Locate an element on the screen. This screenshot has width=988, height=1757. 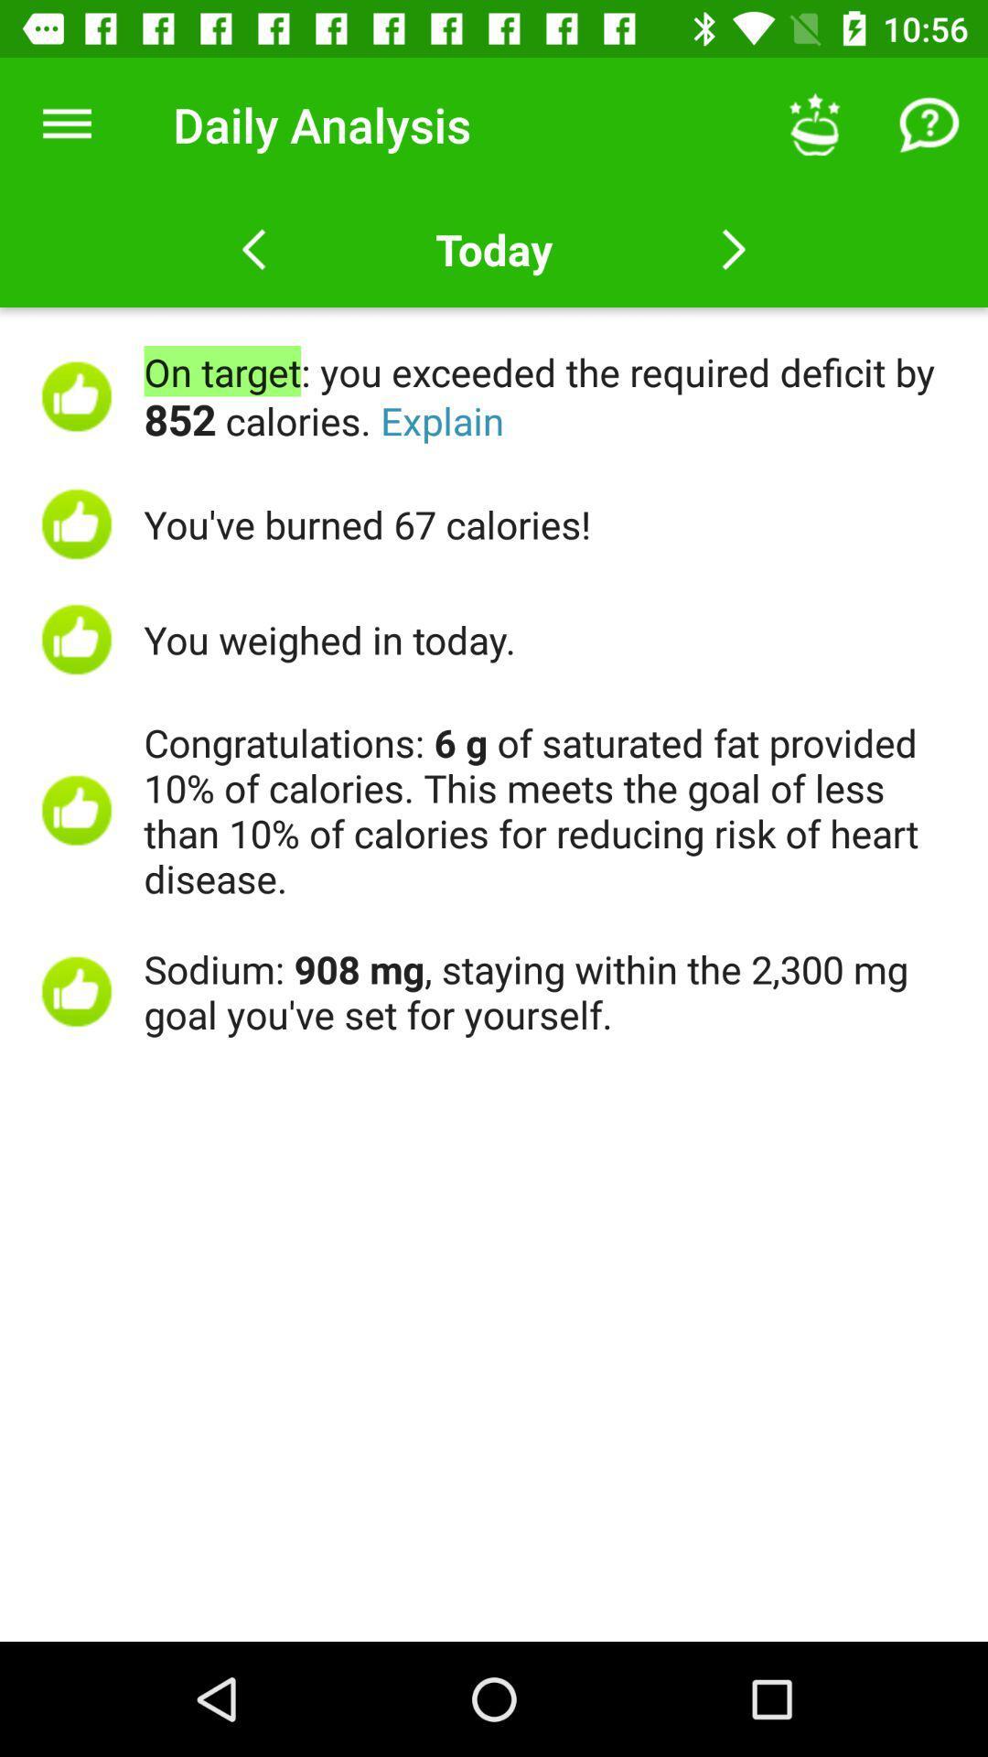
next is located at coordinates (733, 249).